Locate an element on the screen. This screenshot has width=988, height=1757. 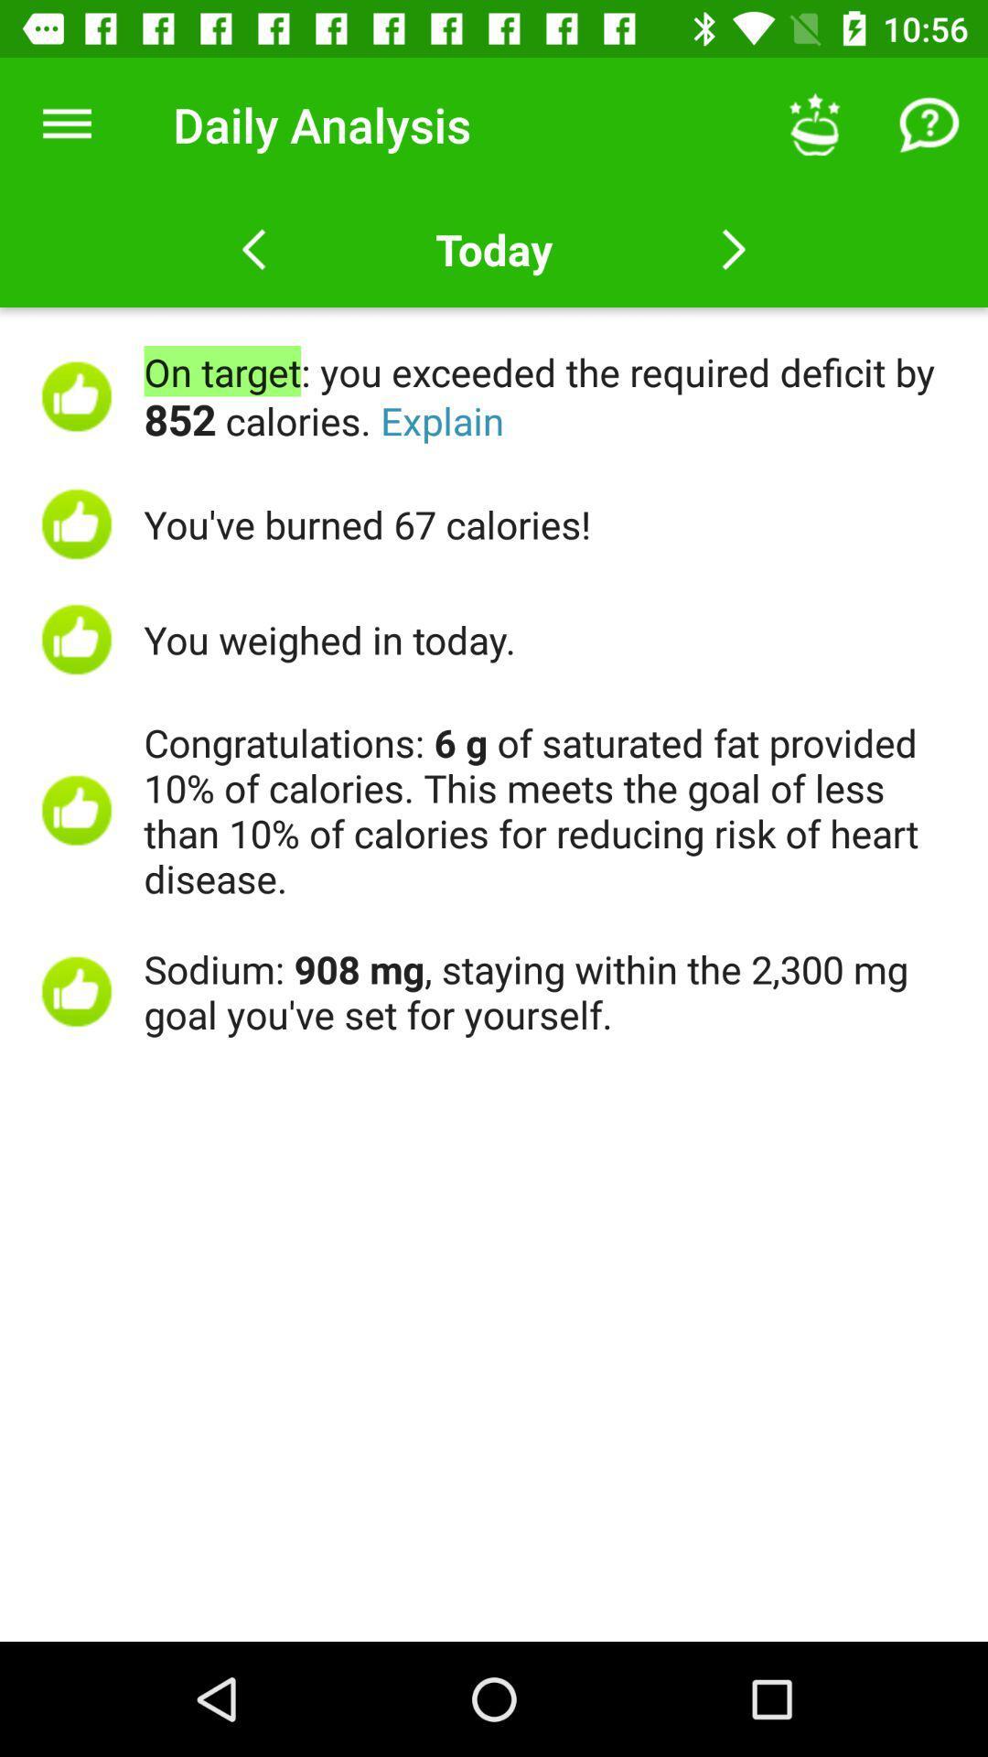
next is located at coordinates (733, 249).